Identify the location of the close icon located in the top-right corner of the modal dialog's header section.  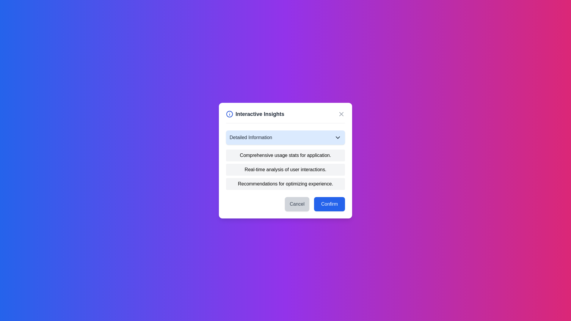
(341, 114).